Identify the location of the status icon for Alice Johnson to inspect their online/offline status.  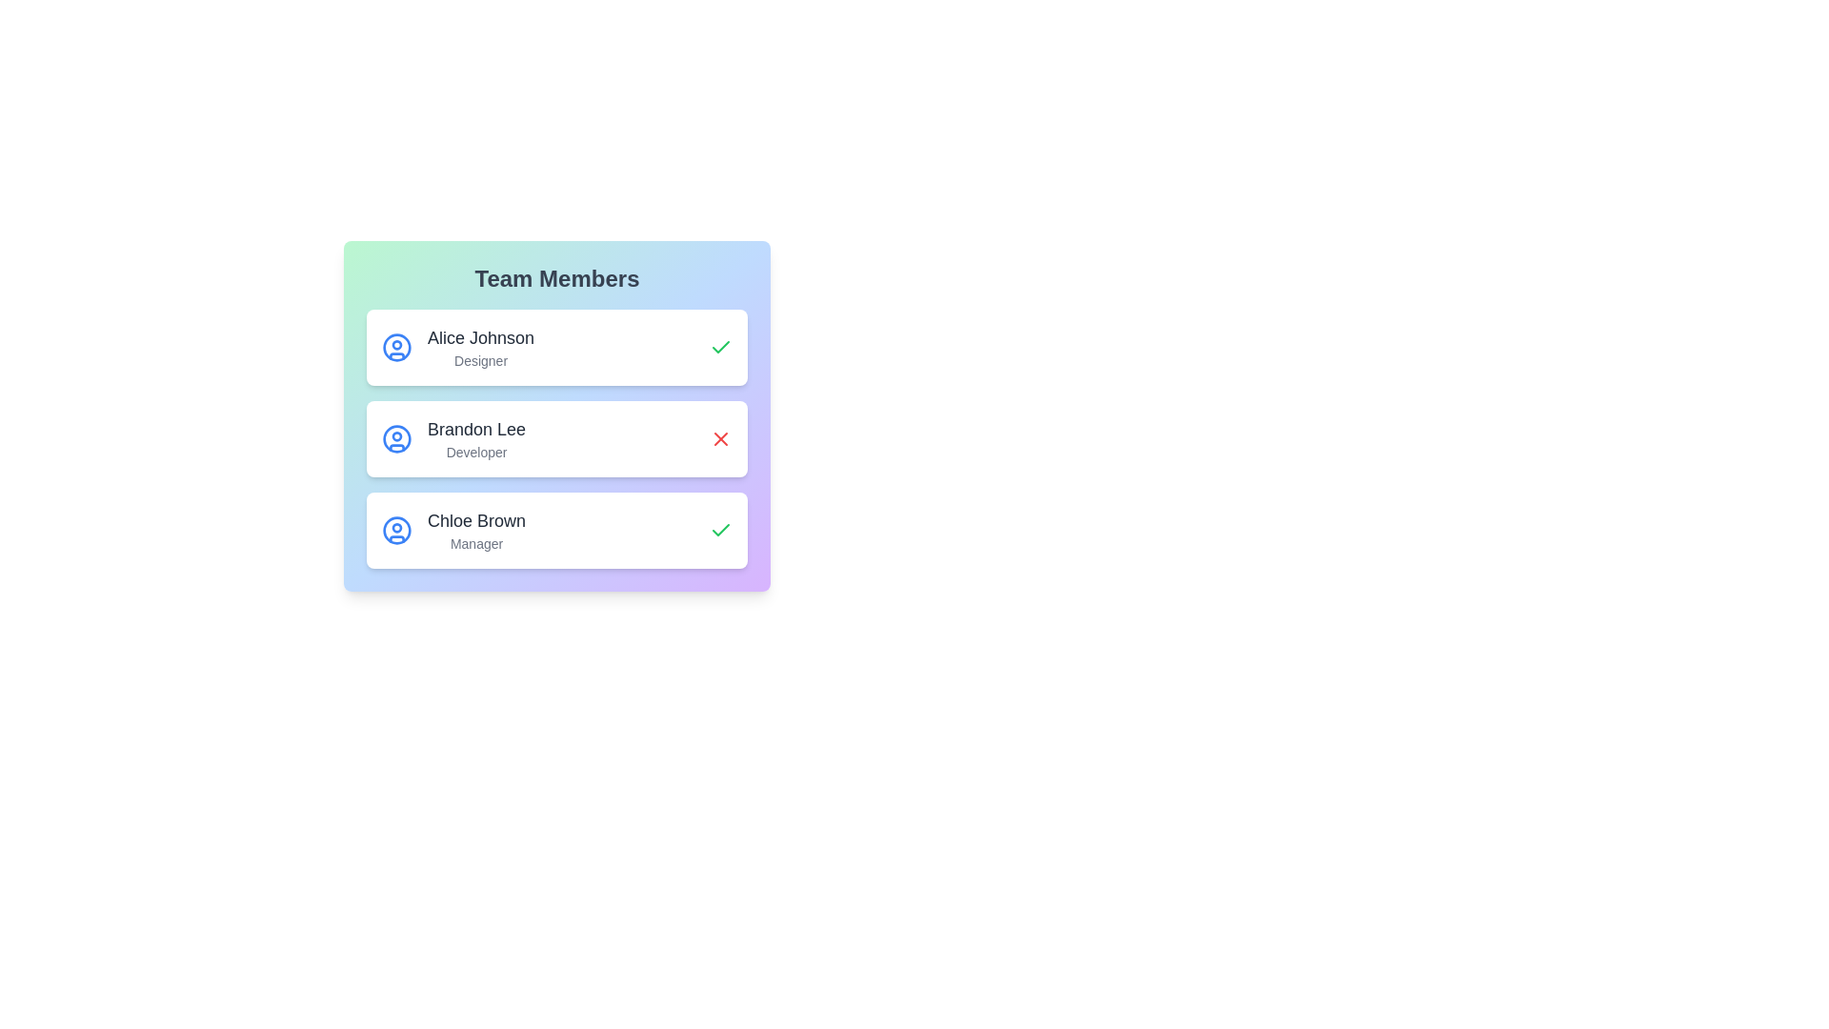
(720, 348).